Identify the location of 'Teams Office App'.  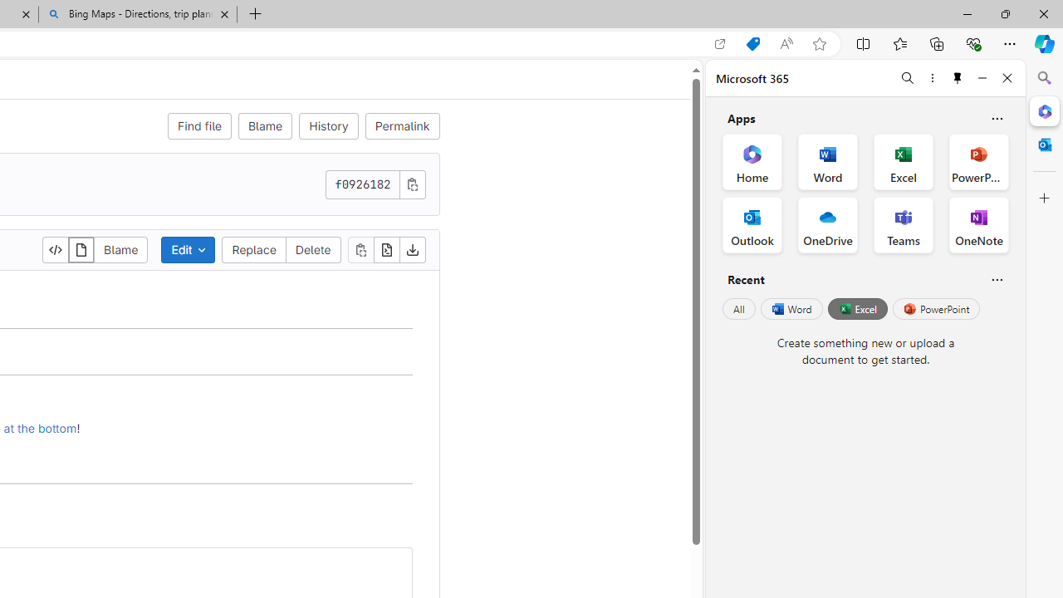
(903, 225).